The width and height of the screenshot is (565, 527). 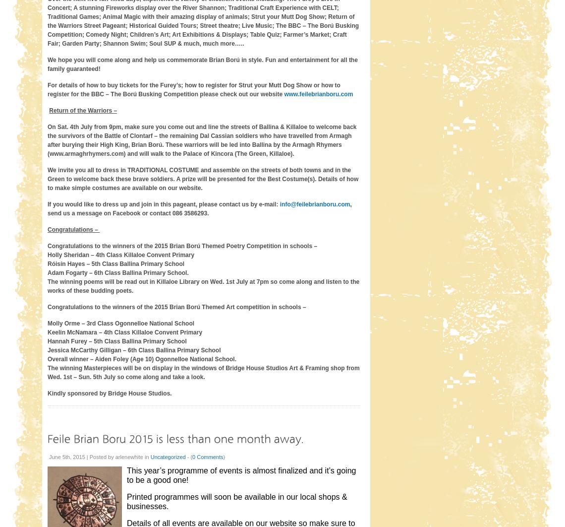 I want to click on 'On Sat. 4th July from 9pm, make sure you come out and line the streets of Ballina & Killaloe to welcome back the survivors of the Battle of Clontarf – the remaining Dal Cassian soldiers who have travelled from Armagh after burying their High King, Brian Ború. These warriors will be led into Ballina by the Armagh Rhymers (www.armaghrhymers.com) and will walk to the Palace of Kincora (The Green, Killaloe).', so click(x=47, y=139).